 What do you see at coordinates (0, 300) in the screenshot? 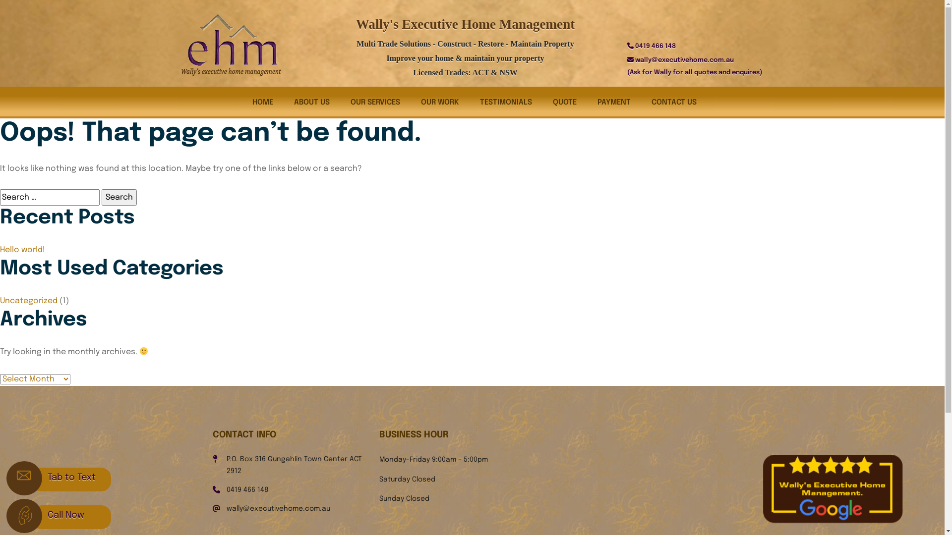
I see `'Uncategorized'` at bounding box center [0, 300].